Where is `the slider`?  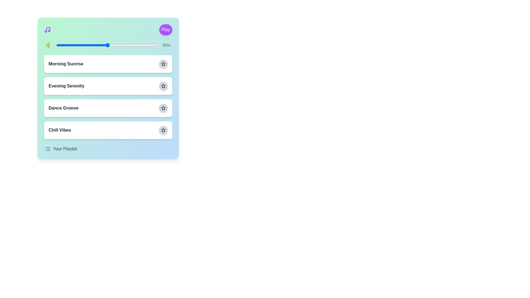
the slider is located at coordinates (133, 45).